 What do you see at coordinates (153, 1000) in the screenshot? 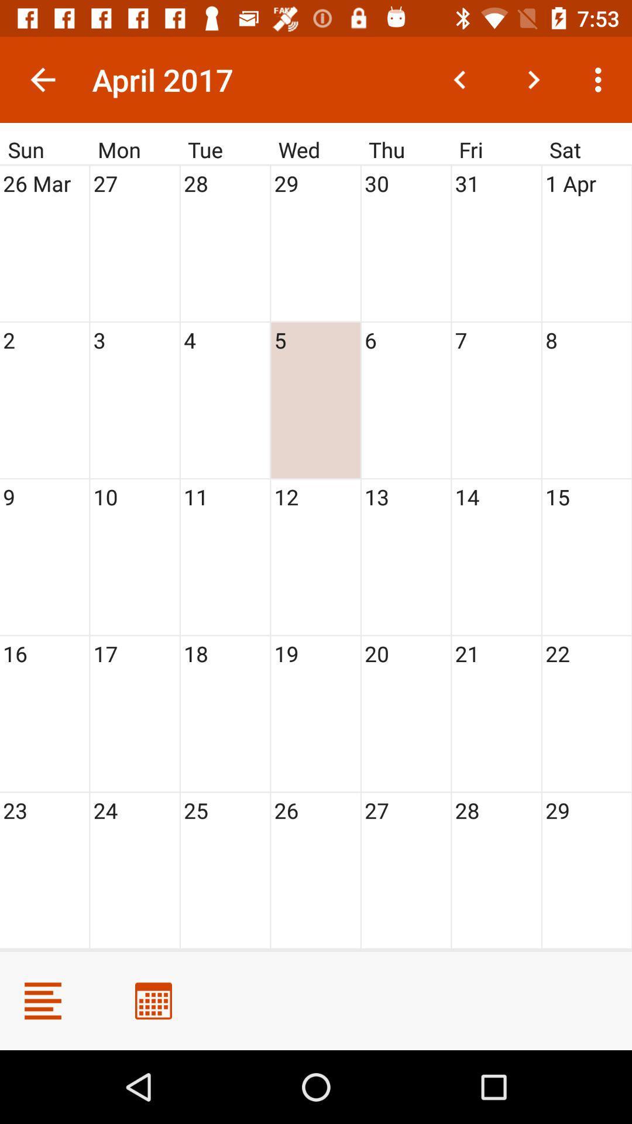
I see `open calendar` at bounding box center [153, 1000].